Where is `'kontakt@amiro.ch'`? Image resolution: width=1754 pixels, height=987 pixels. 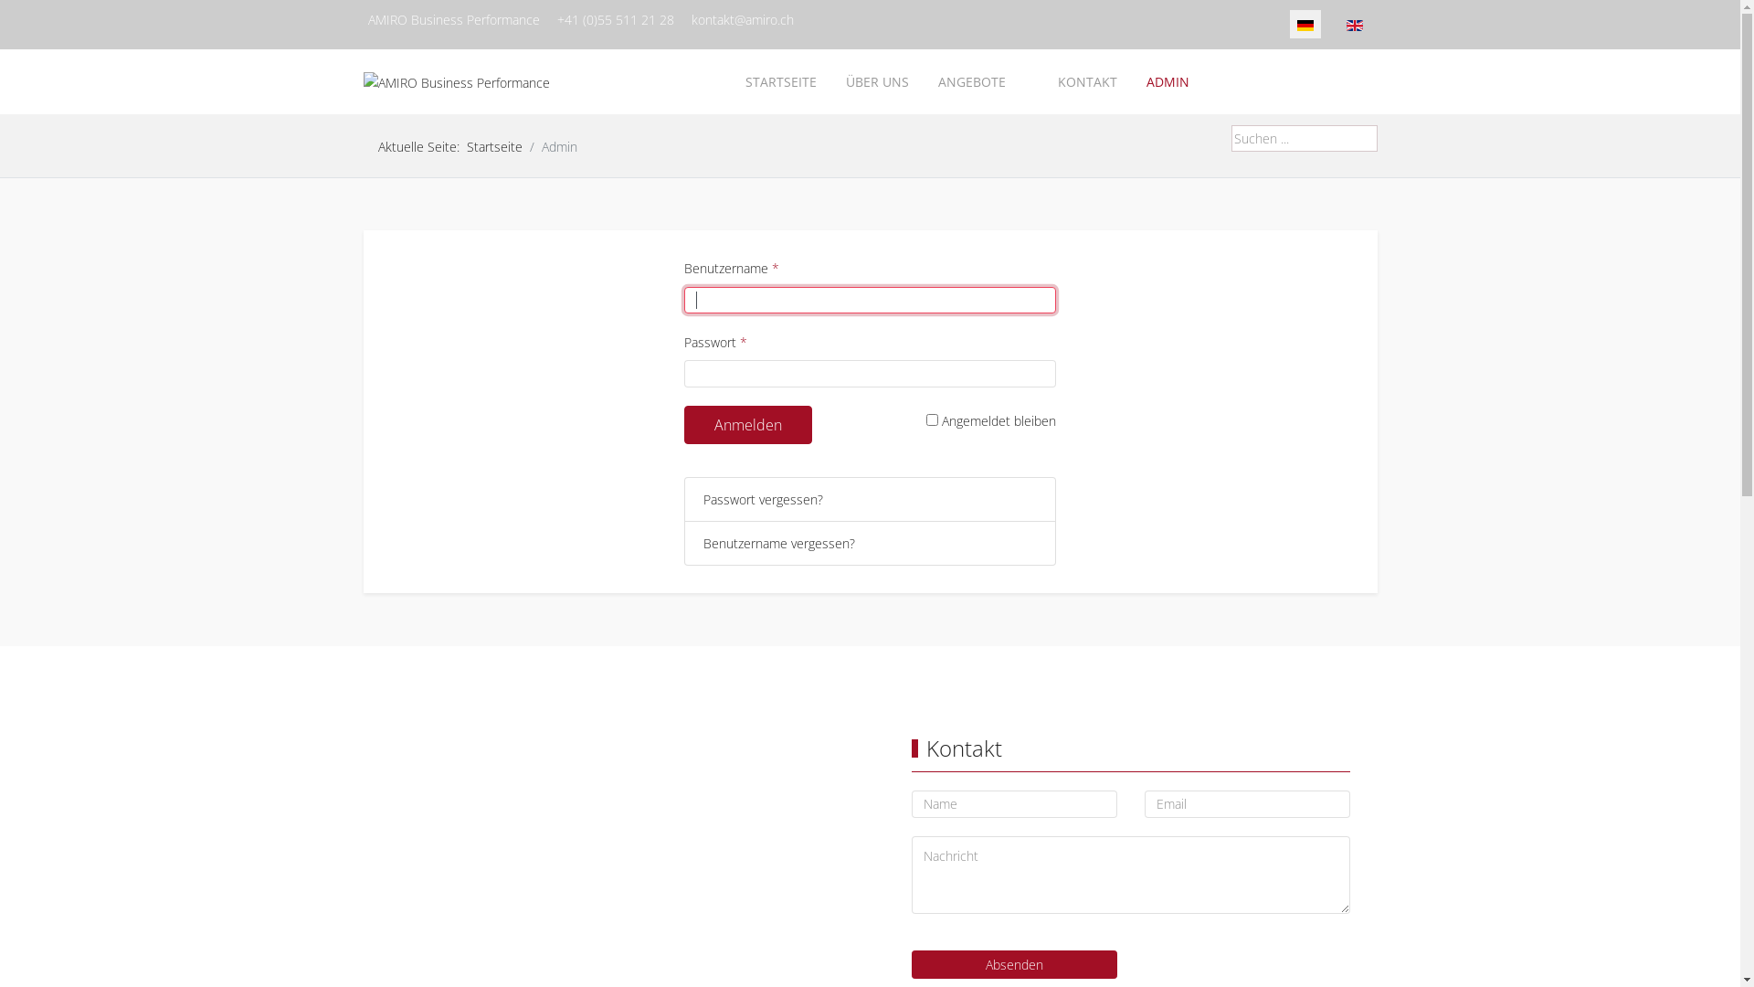
'kontakt@amiro.ch' is located at coordinates (741, 19).